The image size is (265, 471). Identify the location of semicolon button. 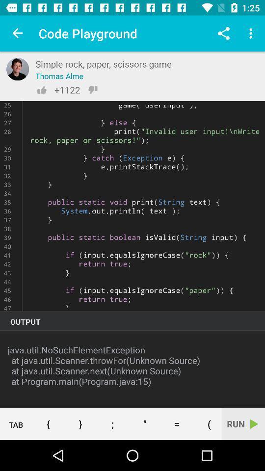
(112, 423).